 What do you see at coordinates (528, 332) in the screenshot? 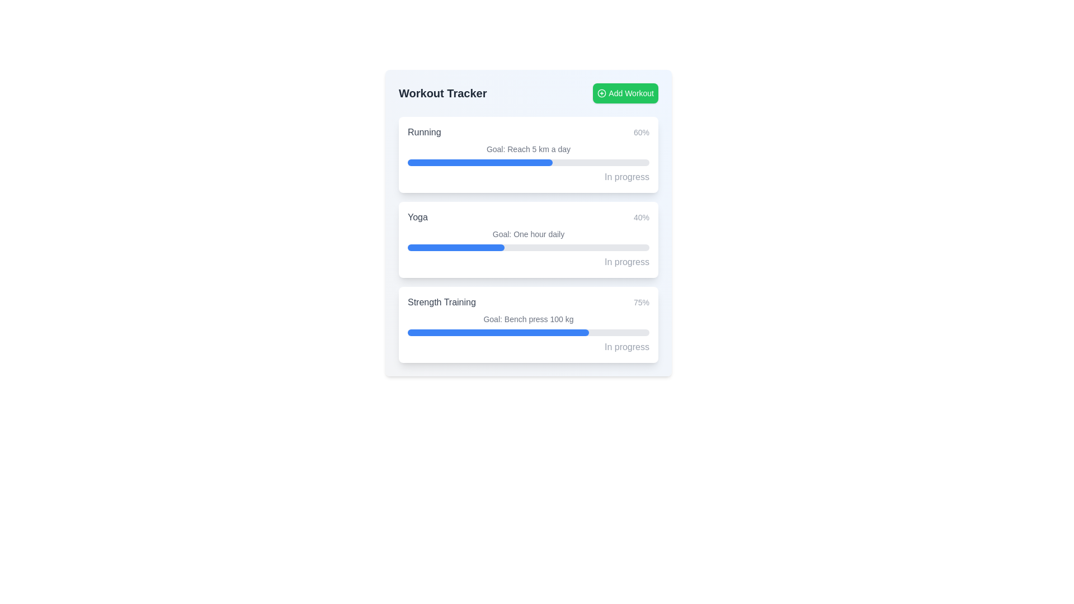
I see `the Progress bar indicating 75% progress located in the 'Strength Training' card, positioned beneath 'Goal: Bench press 100 kg' and above the 'In progress' label` at bounding box center [528, 332].